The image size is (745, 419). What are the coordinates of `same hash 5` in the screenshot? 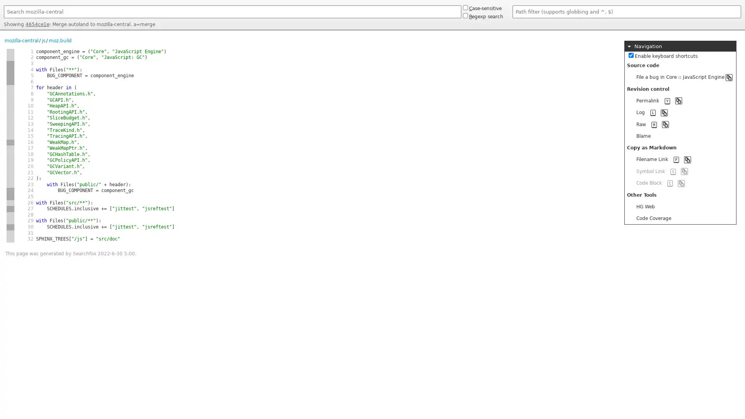 It's located at (10, 239).